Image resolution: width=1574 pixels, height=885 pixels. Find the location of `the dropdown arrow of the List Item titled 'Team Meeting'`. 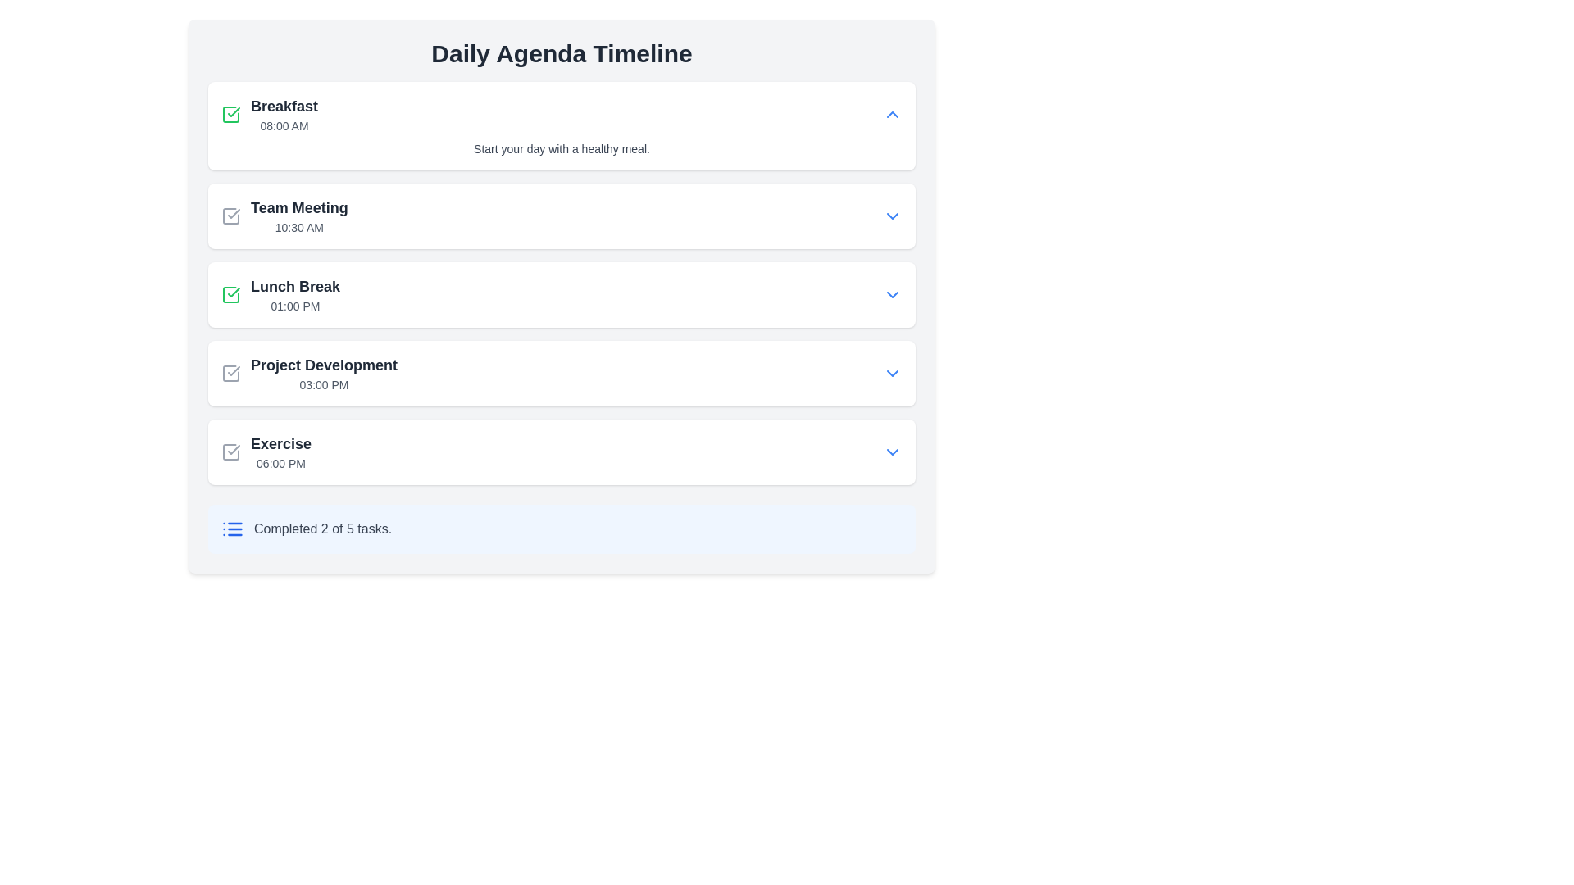

the dropdown arrow of the List Item titled 'Team Meeting' is located at coordinates (562, 215).